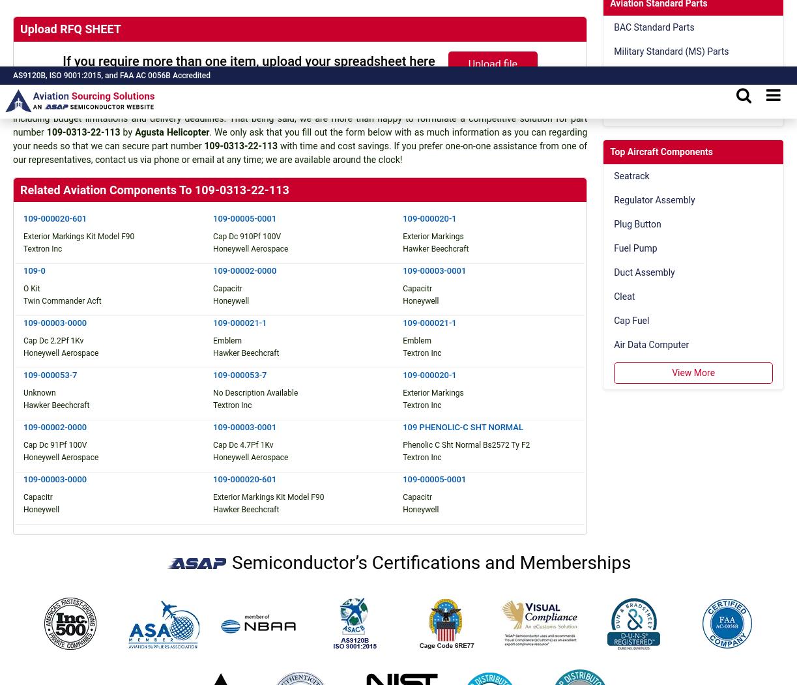 The width and height of the screenshot is (797, 685). I want to click on 'Cookie Policy', so click(493, 356).